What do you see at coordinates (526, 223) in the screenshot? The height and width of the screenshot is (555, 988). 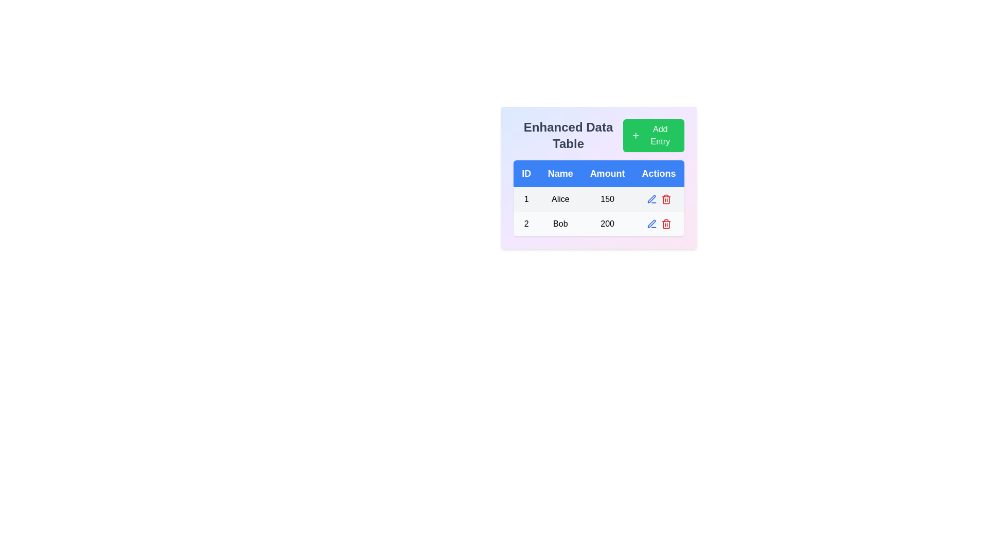 I see `the text label that identifies the row with the sequential number '2' in the first column of the second row under the header 'ID'` at bounding box center [526, 223].